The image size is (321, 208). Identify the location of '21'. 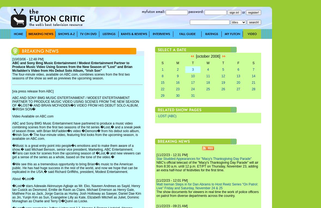
(253, 83).